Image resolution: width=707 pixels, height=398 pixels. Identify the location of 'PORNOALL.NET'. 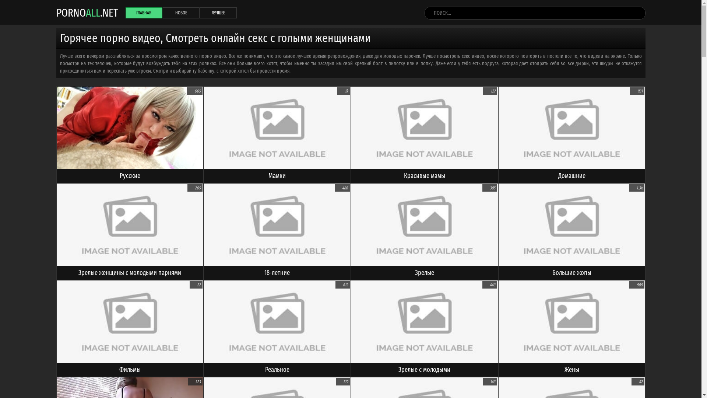
(87, 13).